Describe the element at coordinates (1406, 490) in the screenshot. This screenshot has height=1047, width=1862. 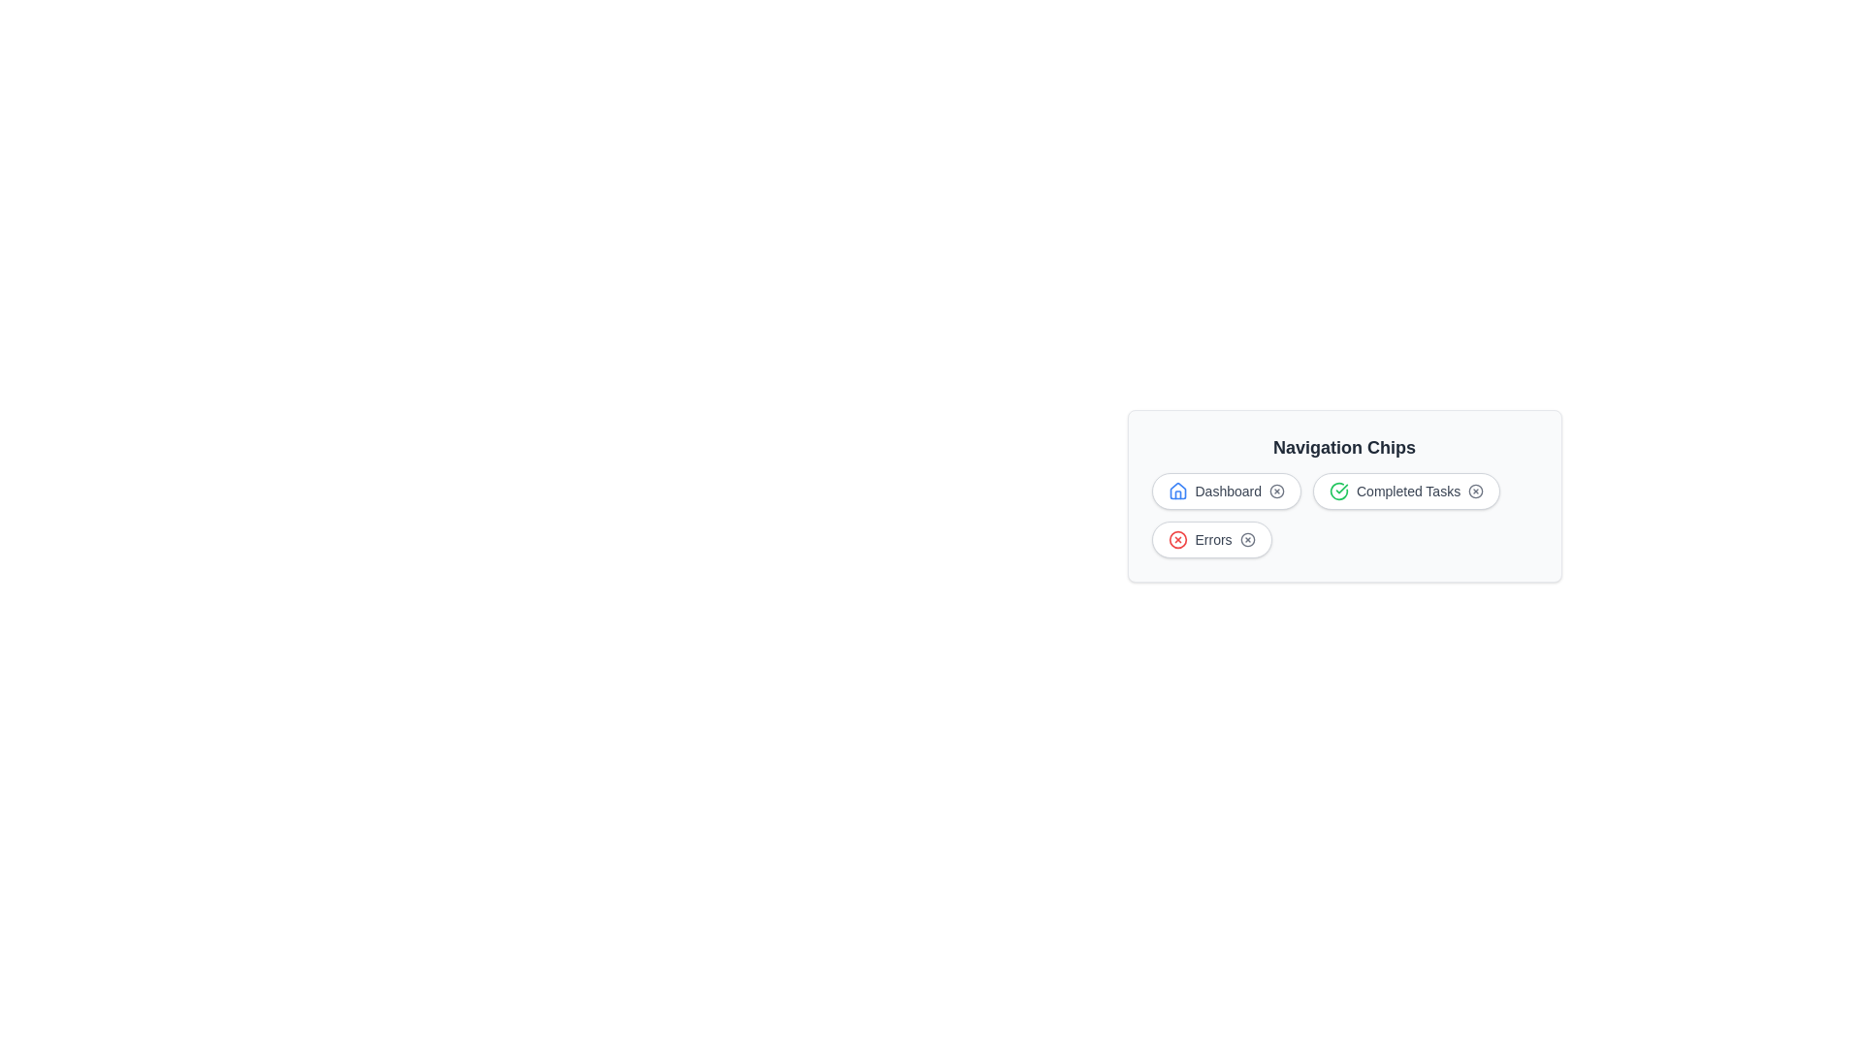
I see `the text label of the chip labeled Completed Tasks` at that location.